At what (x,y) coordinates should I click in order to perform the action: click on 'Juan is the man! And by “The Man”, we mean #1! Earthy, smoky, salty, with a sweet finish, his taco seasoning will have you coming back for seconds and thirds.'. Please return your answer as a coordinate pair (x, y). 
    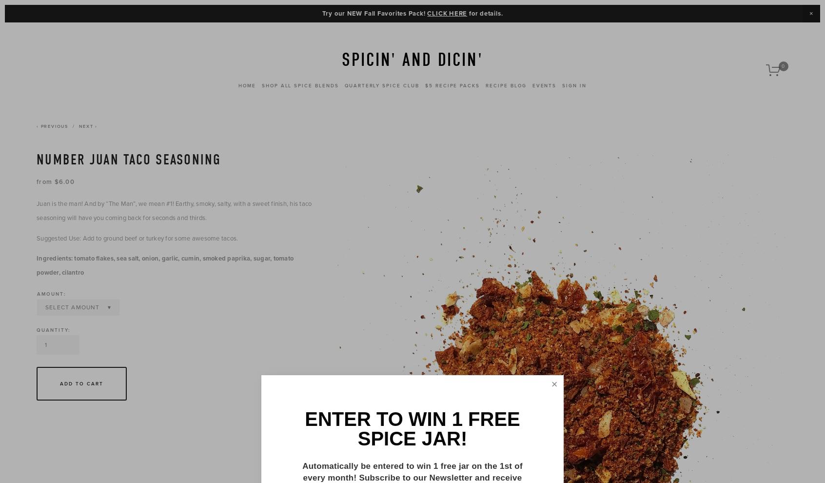
    Looking at the image, I should click on (174, 210).